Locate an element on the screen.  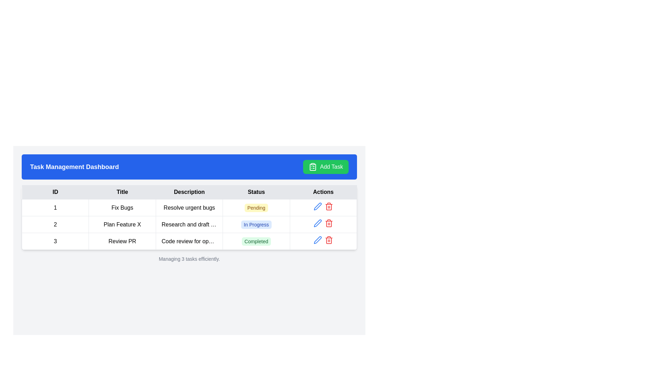
the text label displaying 'Research and draft specs' located in the third column under the 'Description' header for the title 'Plan Feature X' is located at coordinates (189, 224).